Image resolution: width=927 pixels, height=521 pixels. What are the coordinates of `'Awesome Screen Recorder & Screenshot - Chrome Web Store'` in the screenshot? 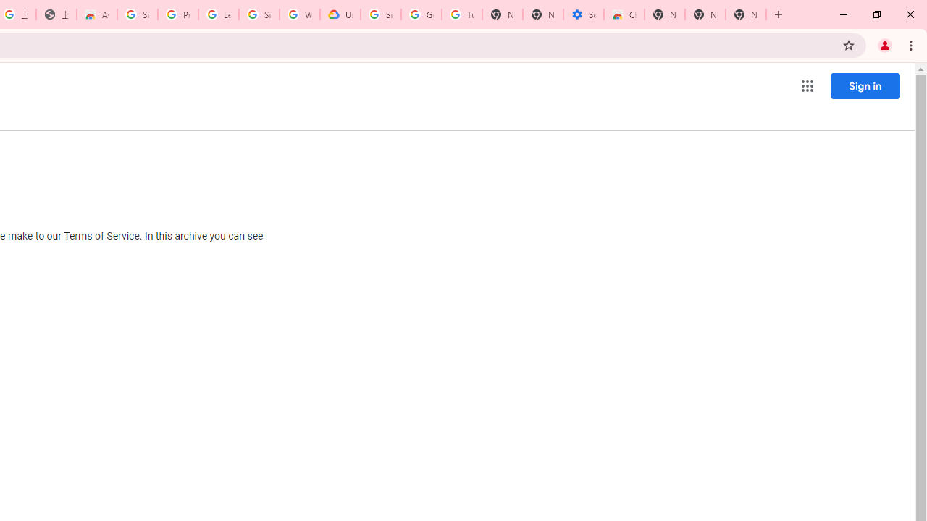 It's located at (96, 14).